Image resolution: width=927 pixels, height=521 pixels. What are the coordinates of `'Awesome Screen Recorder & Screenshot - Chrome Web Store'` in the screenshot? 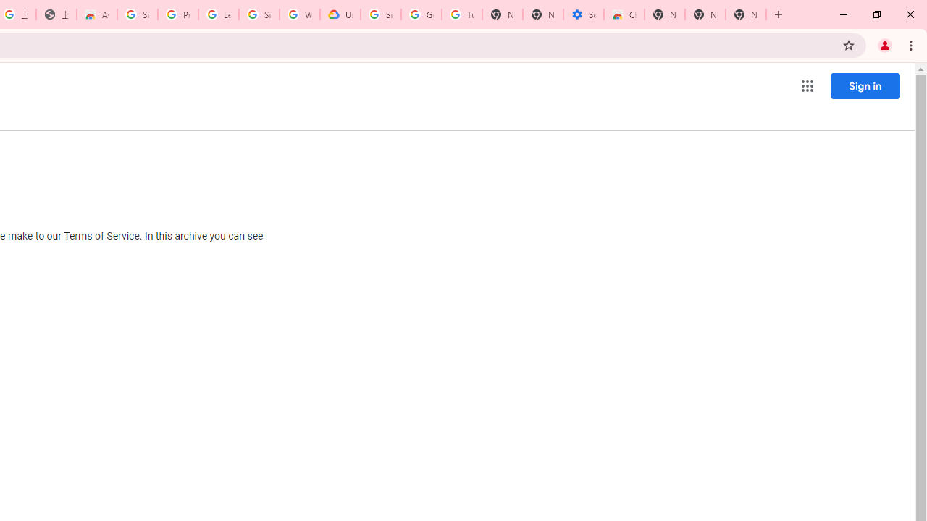 It's located at (96, 14).